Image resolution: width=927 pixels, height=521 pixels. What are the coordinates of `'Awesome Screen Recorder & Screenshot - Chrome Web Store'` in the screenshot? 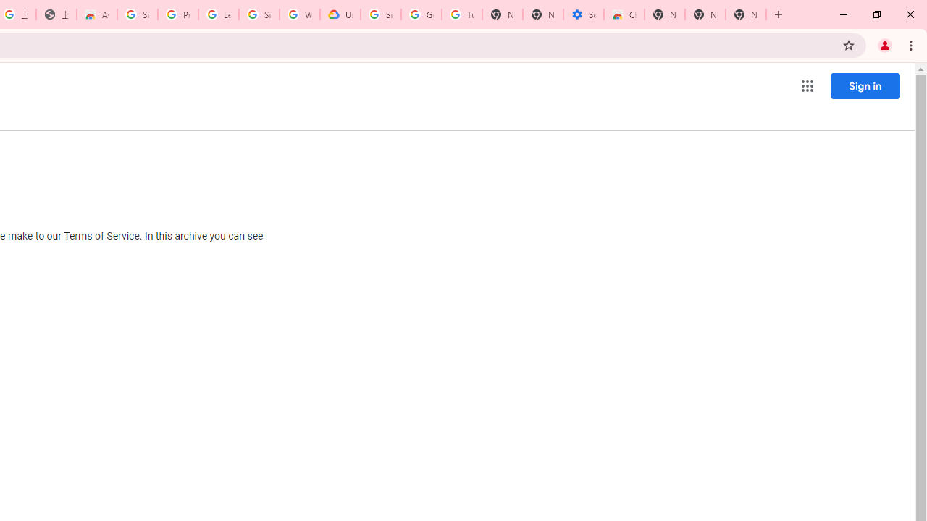 It's located at (96, 14).